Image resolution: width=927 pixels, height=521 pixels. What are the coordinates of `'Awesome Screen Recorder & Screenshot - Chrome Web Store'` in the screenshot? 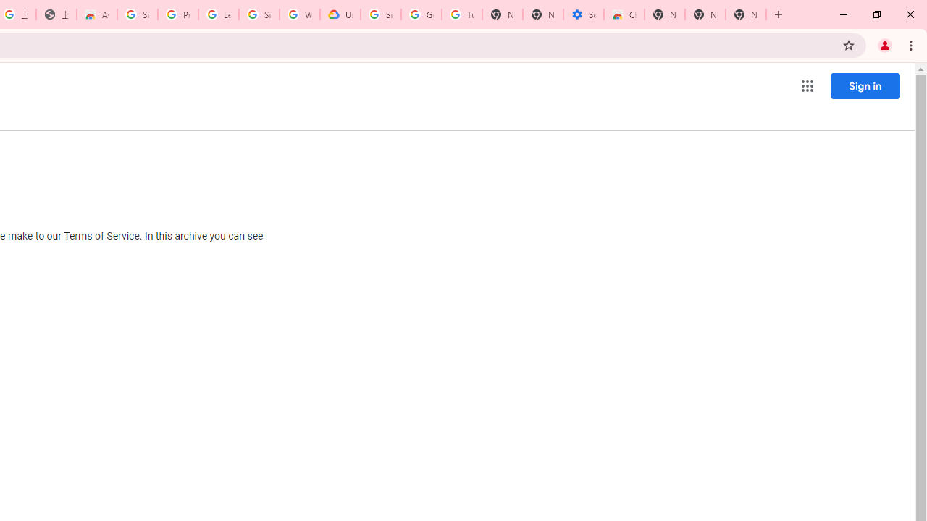 It's located at (96, 14).